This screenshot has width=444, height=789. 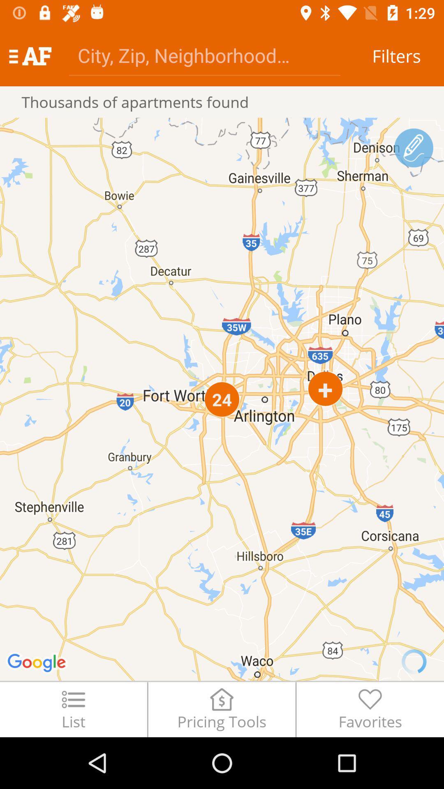 I want to click on the icon above thousands of apartments icon, so click(x=30, y=55).